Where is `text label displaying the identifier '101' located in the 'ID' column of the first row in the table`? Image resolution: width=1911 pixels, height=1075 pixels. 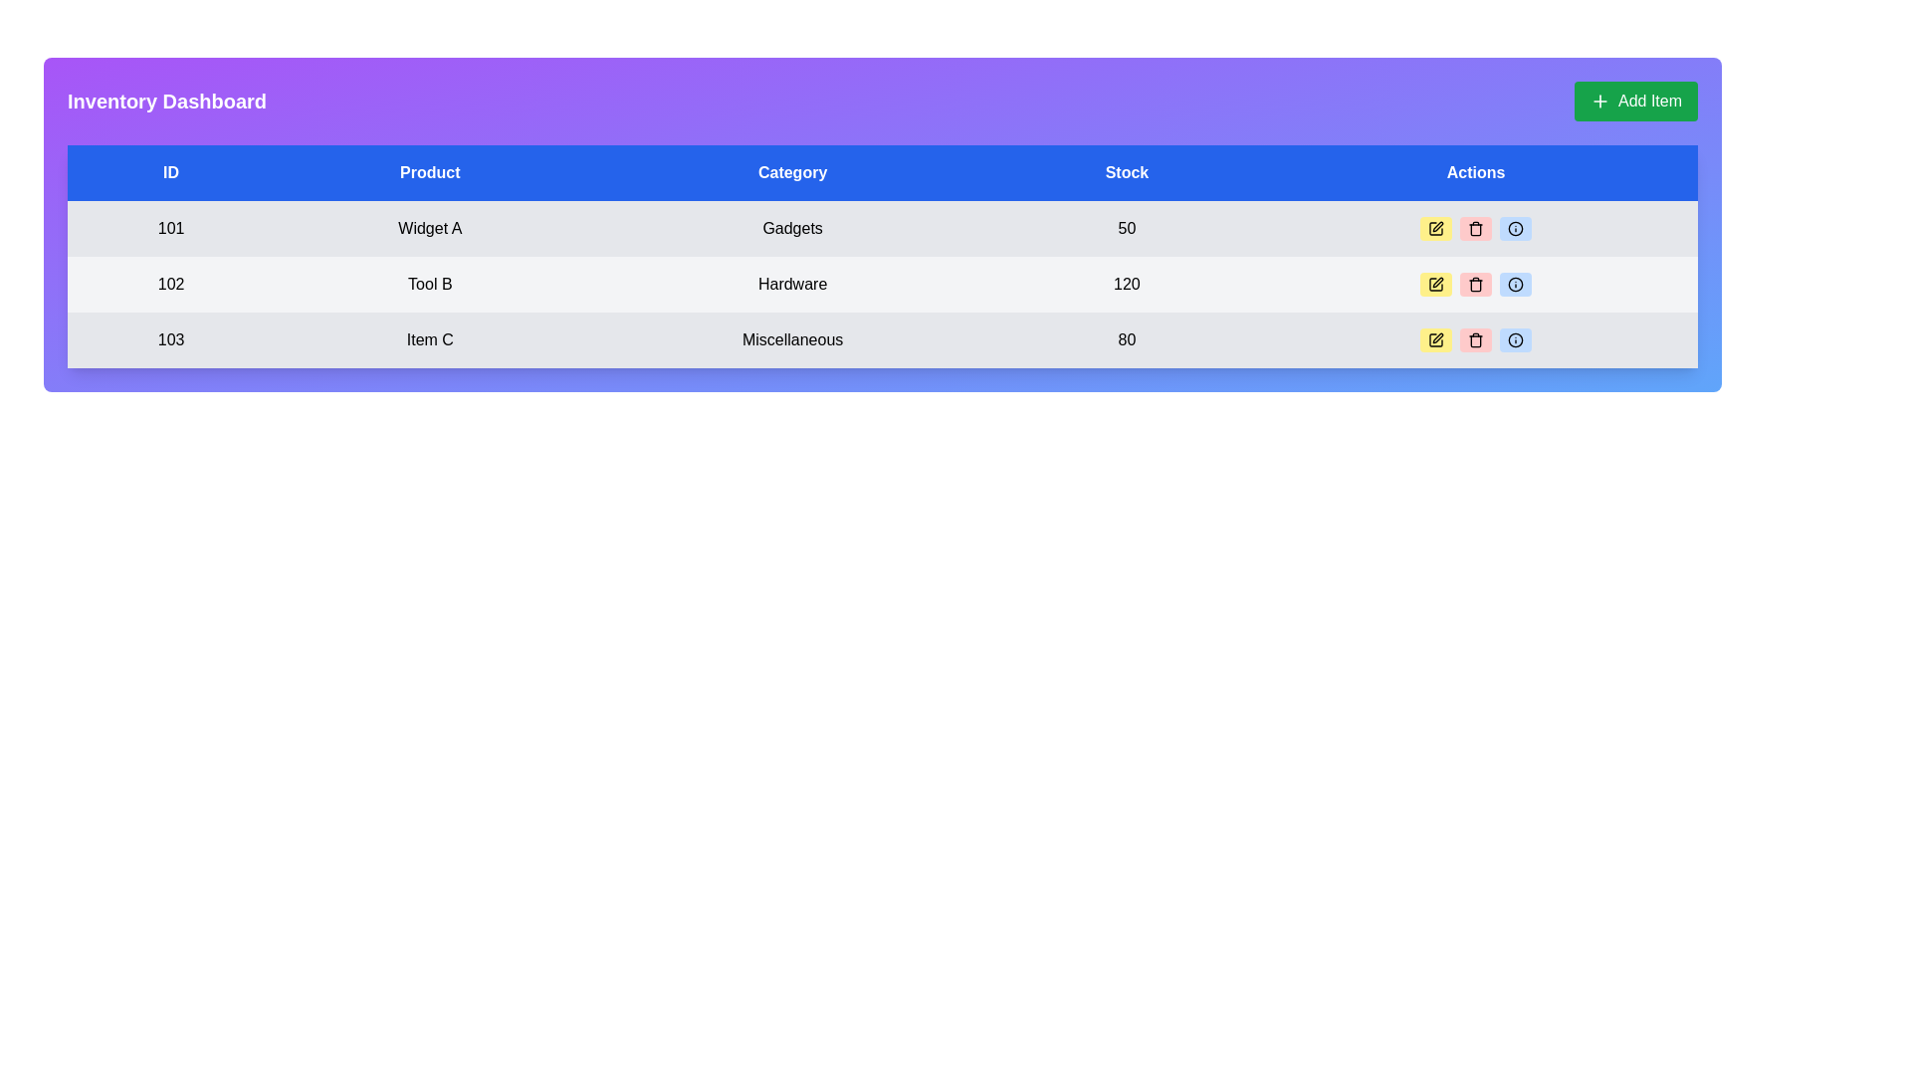
text label displaying the identifier '101' located in the 'ID' column of the first row in the table is located at coordinates (171, 228).